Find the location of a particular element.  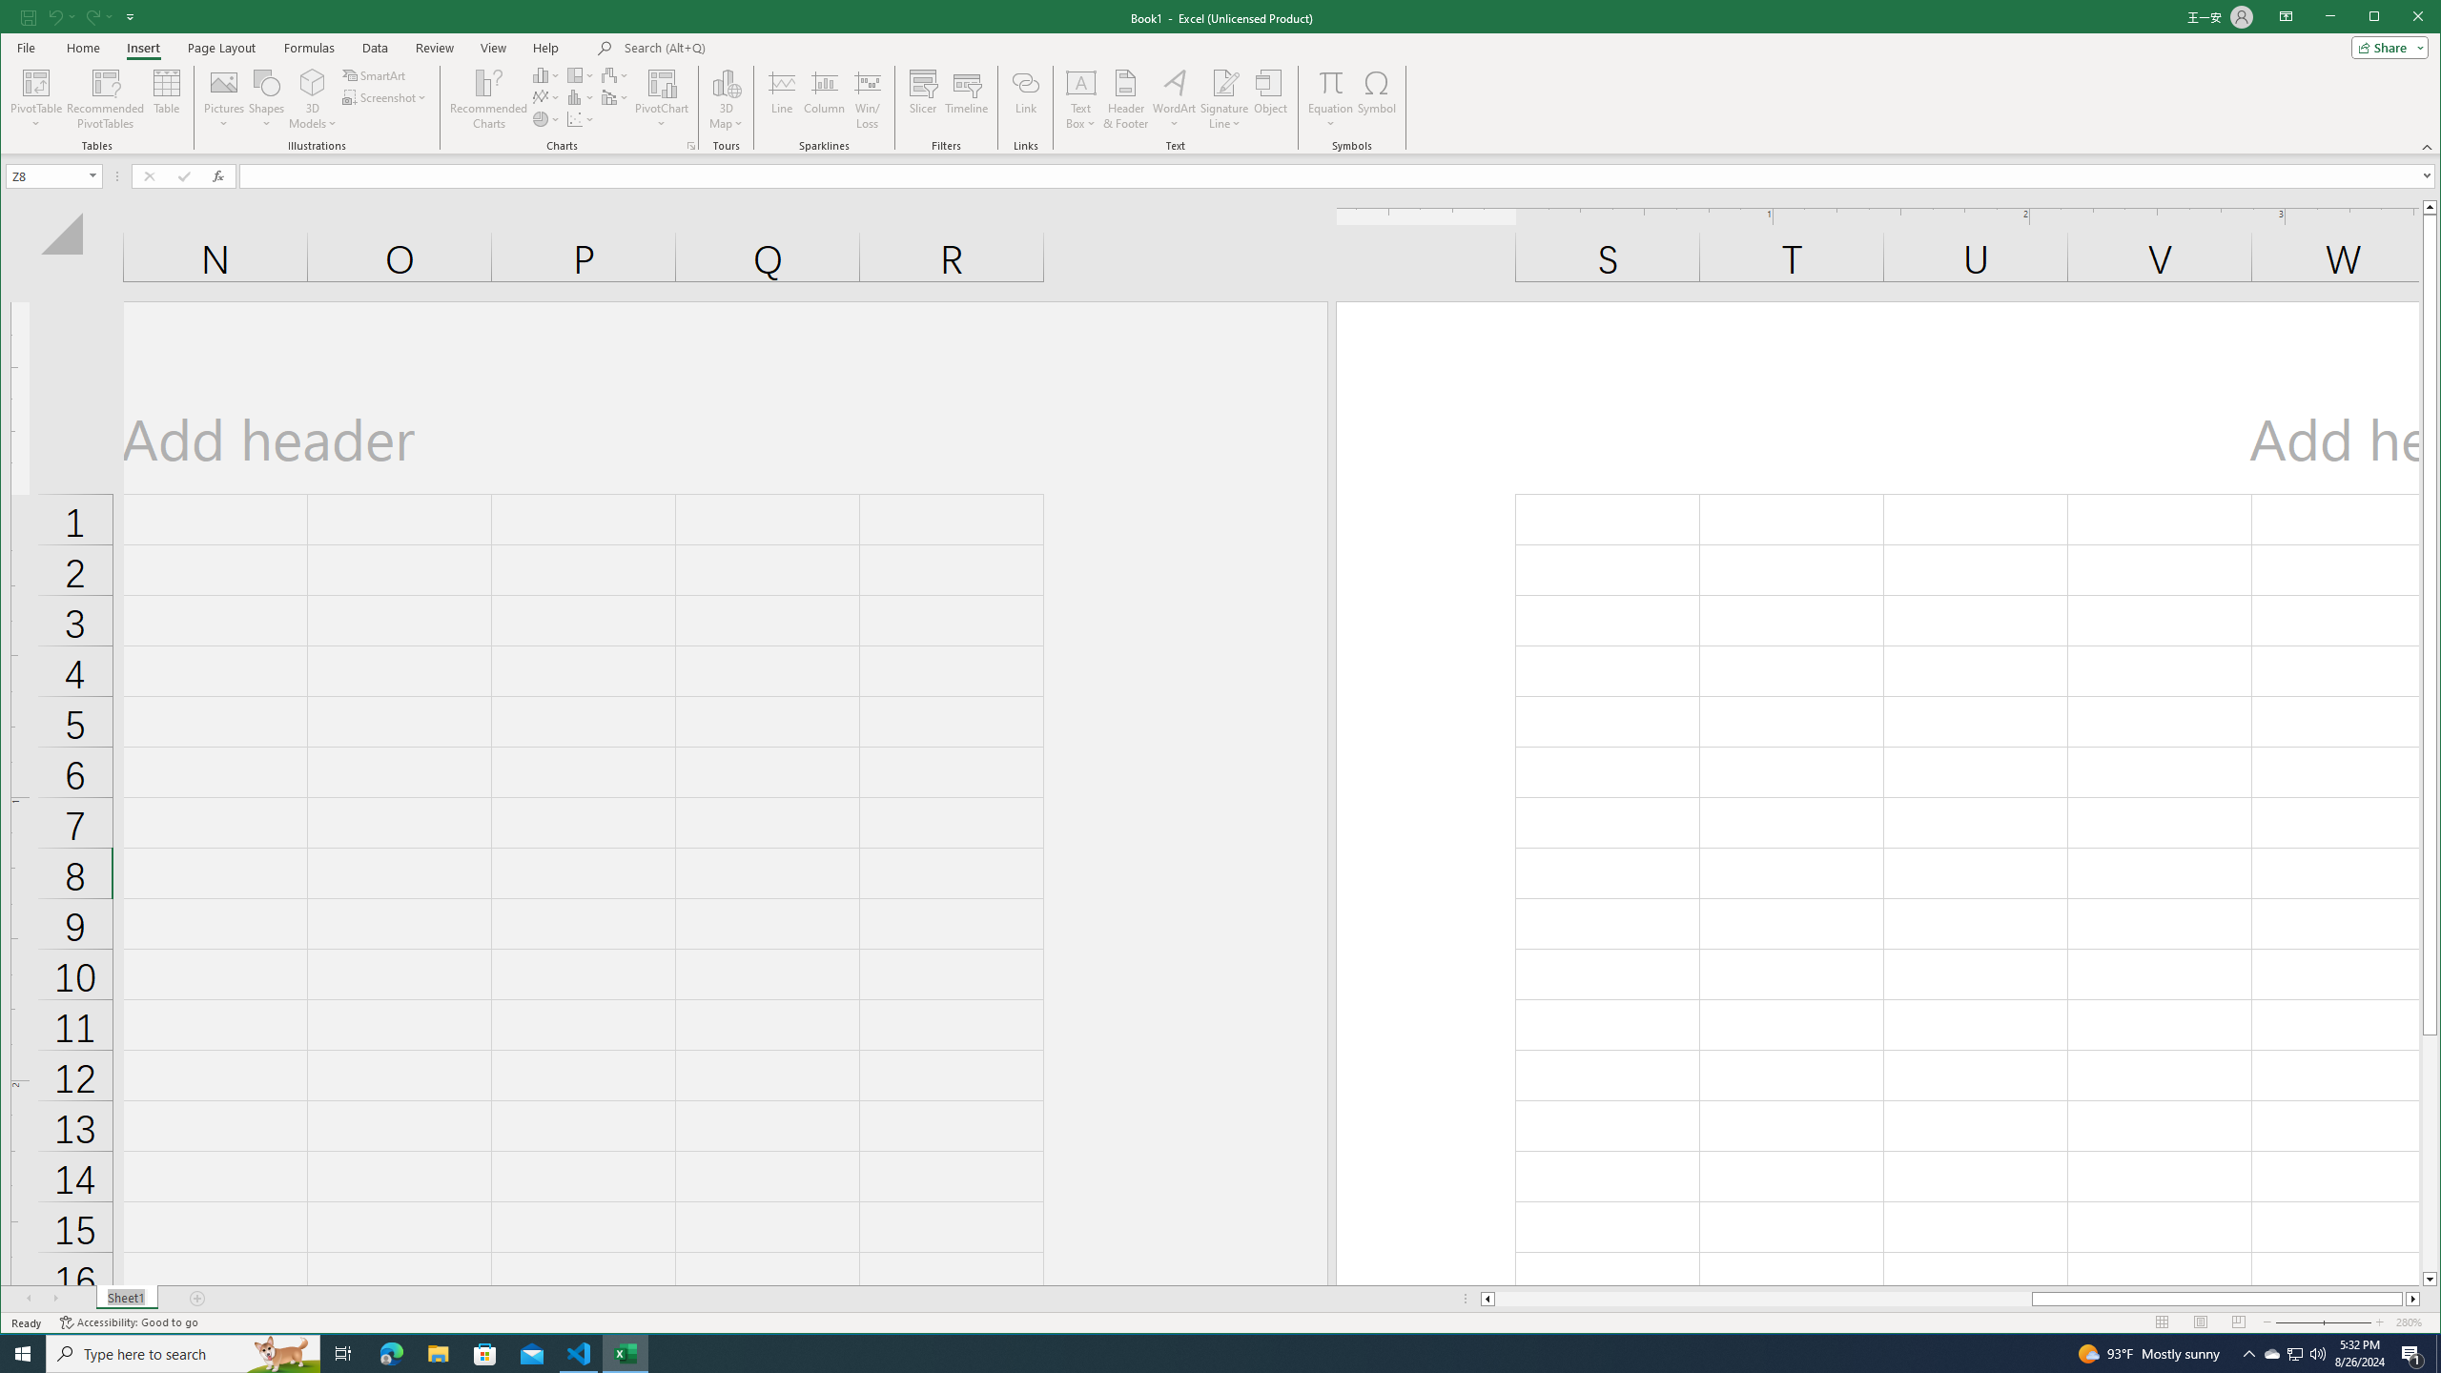

'Zoom' is located at coordinates (2321, 1322).